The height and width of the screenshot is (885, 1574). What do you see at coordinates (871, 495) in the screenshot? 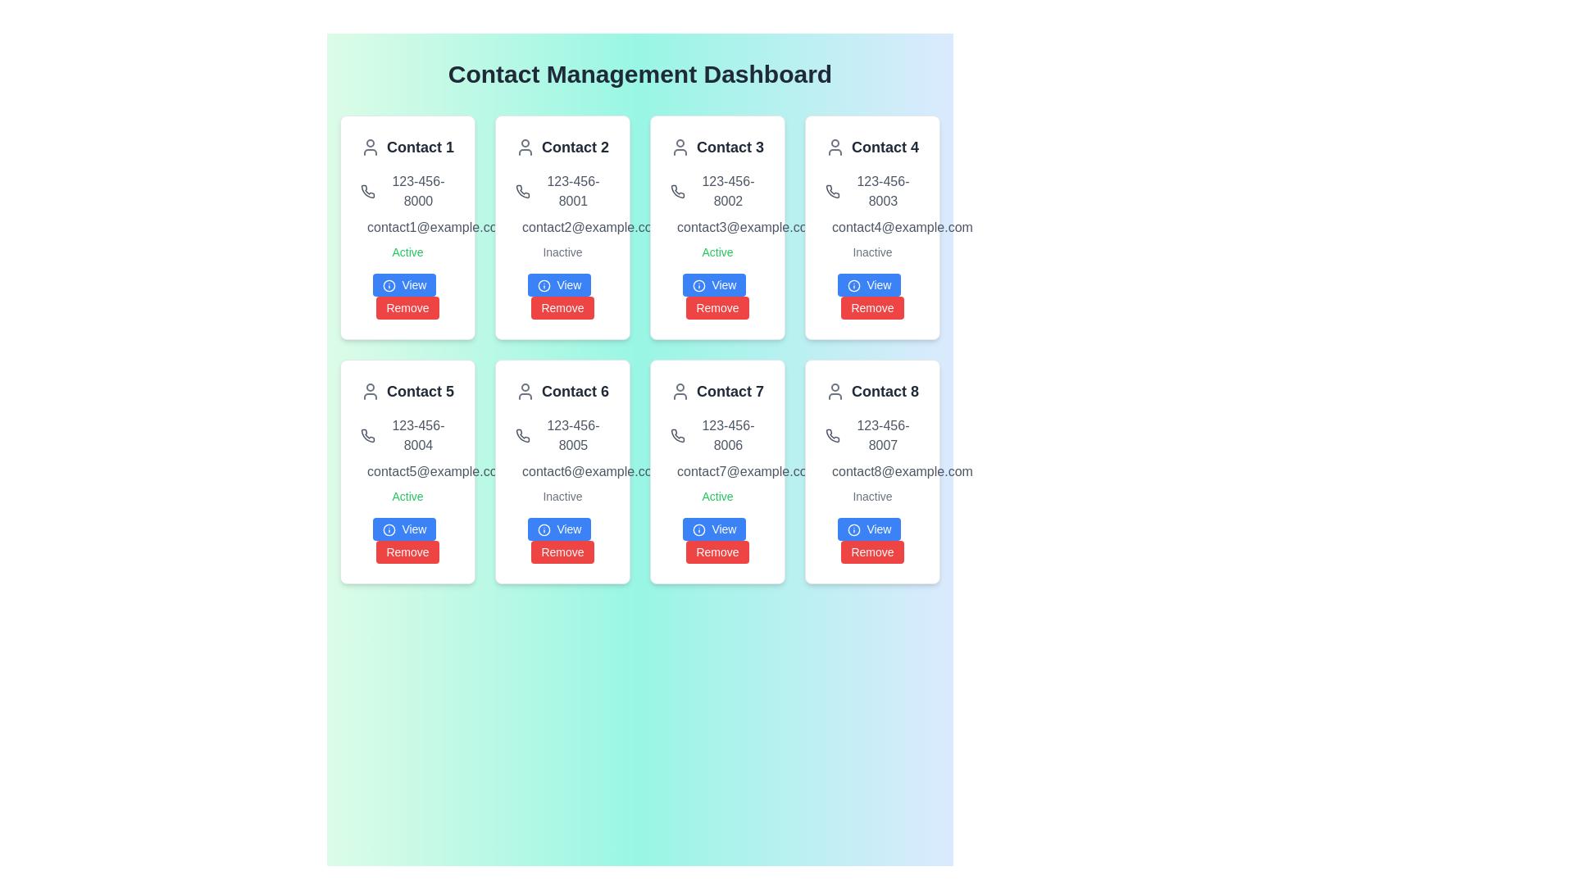
I see `the status indicator text label that informs the user that contact 8 is currently inactive, located within the card labeled 'Contact 8', positioned below the email address 'contact8@example.com' and above the action buttons 'View' and 'Remove'` at bounding box center [871, 495].